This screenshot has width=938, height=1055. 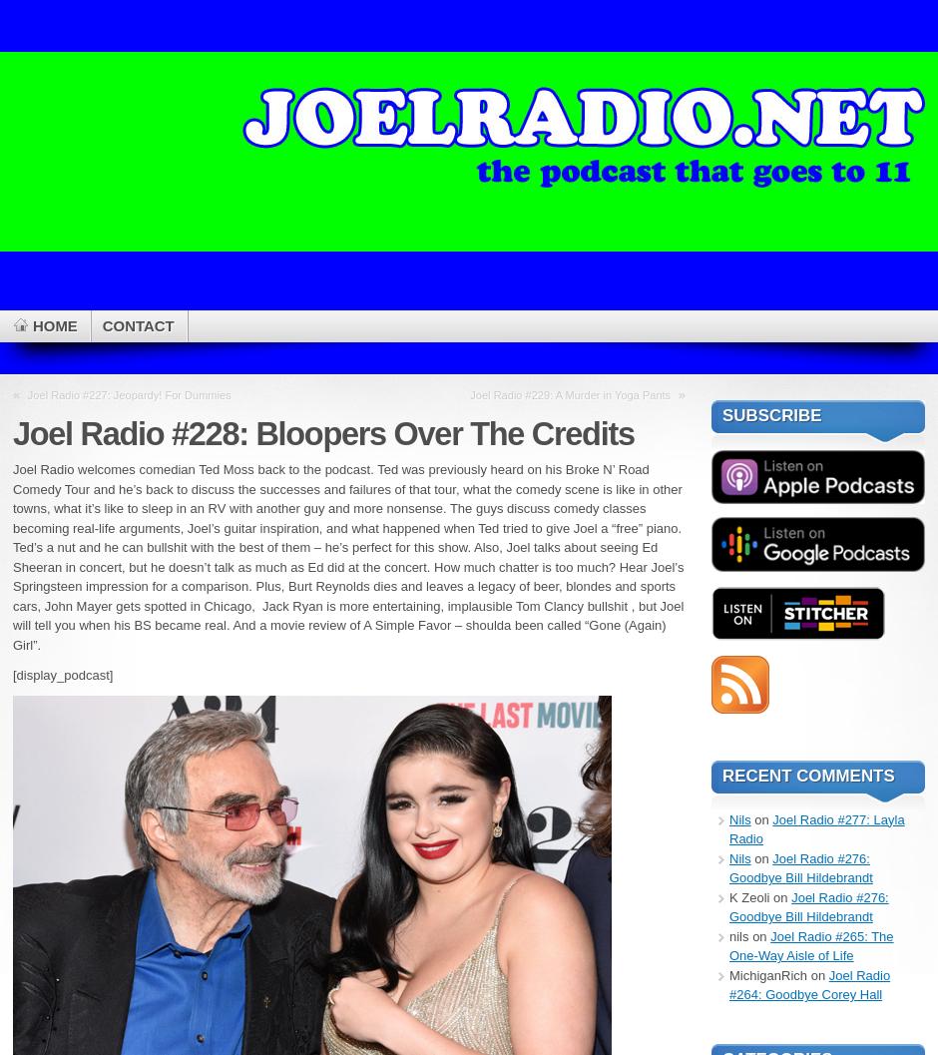 I want to click on 'Joel Radio #264: Goodbye Corey Hall', so click(x=809, y=983).